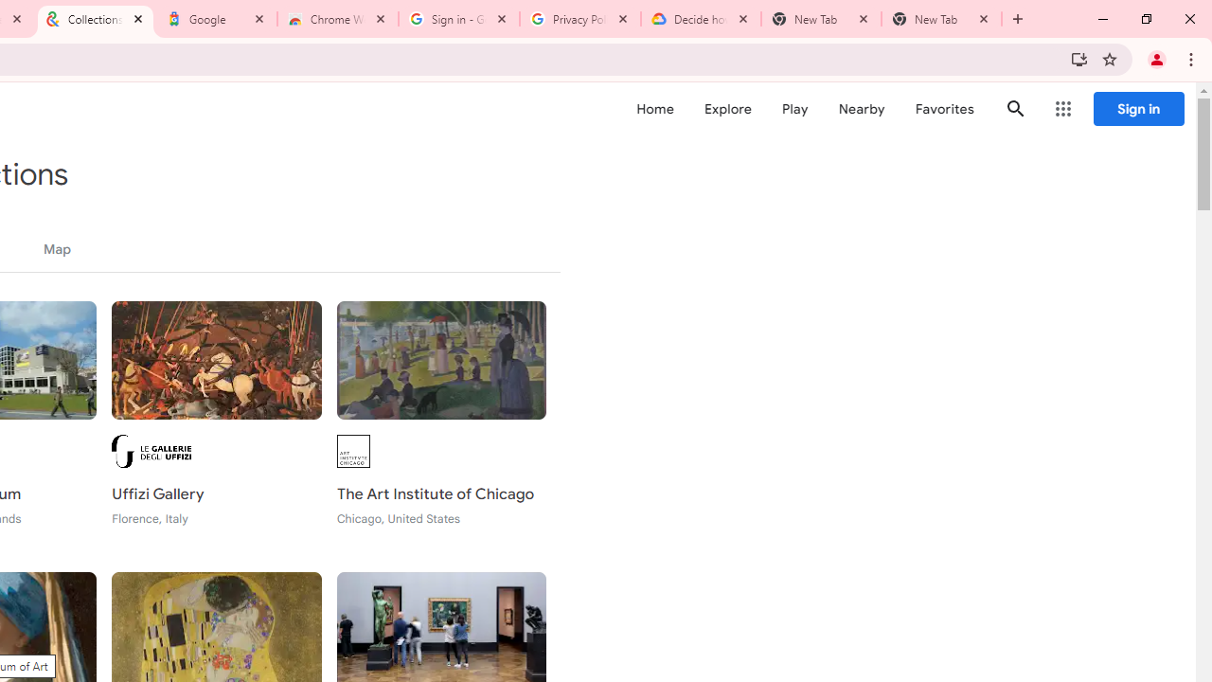  What do you see at coordinates (338, 19) in the screenshot?
I see `'Chrome Web Store - Color themes by Chrome'` at bounding box center [338, 19].